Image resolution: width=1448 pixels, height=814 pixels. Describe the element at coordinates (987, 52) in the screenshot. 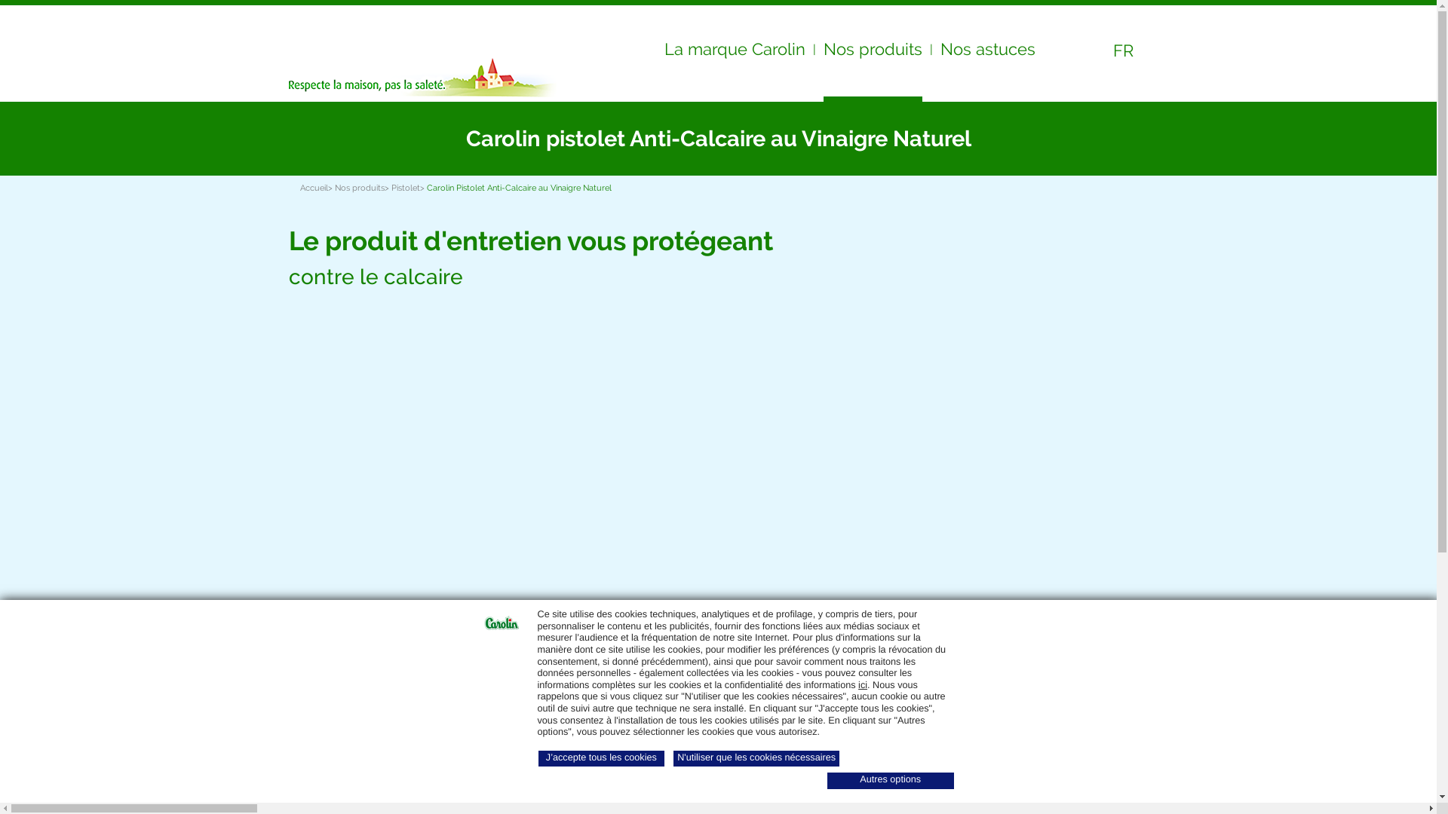

I see `'Nos astuces'` at that location.